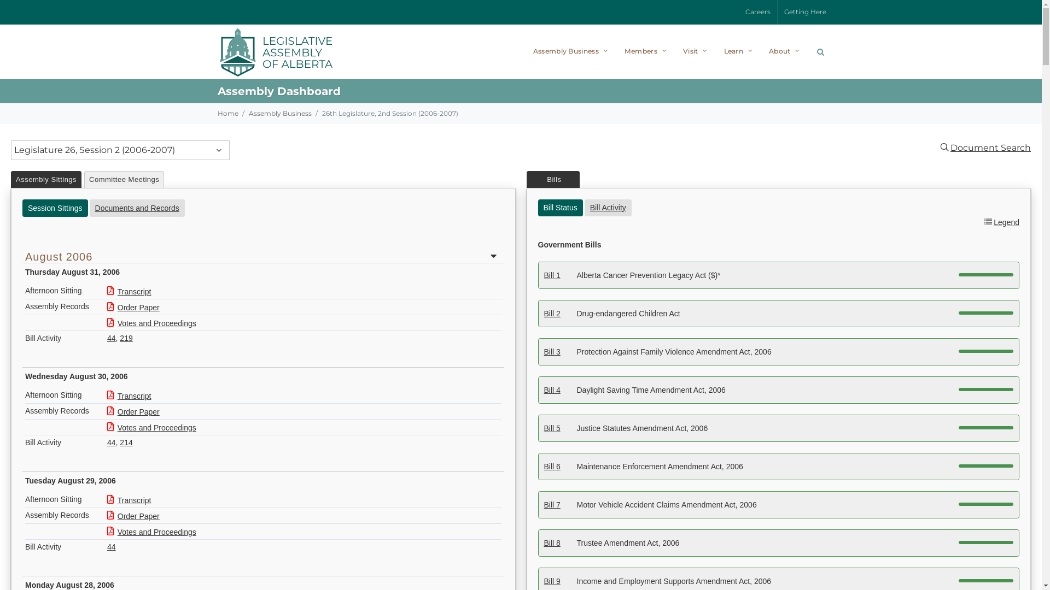 The image size is (1050, 590). Describe the element at coordinates (739, 51) in the screenshot. I see `'Learn'` at that location.